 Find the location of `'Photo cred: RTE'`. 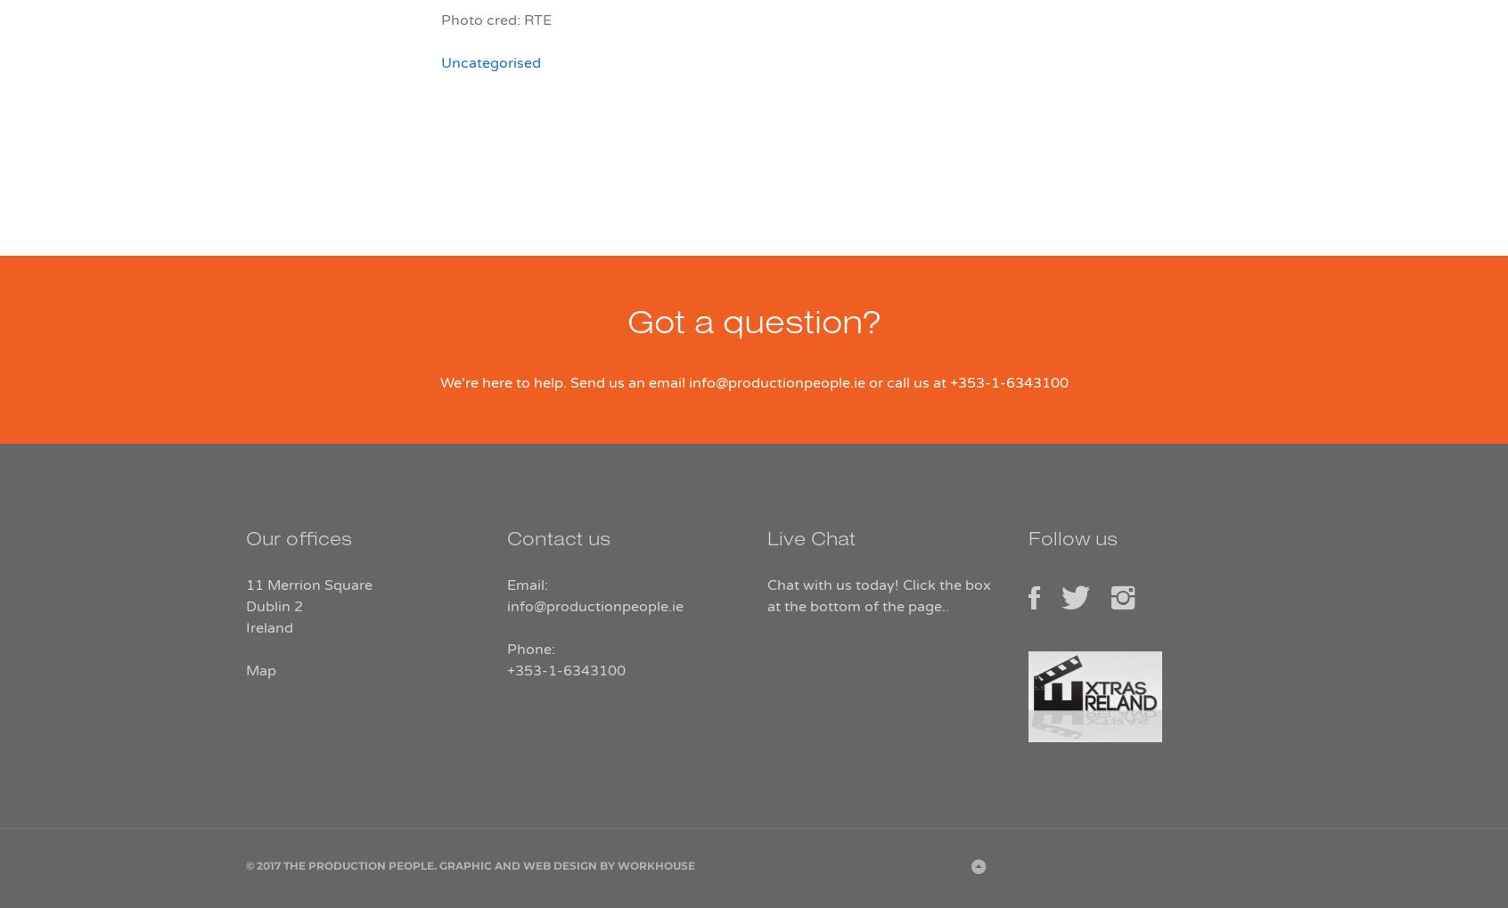

'Photo cred: RTE' is located at coordinates (441, 19).